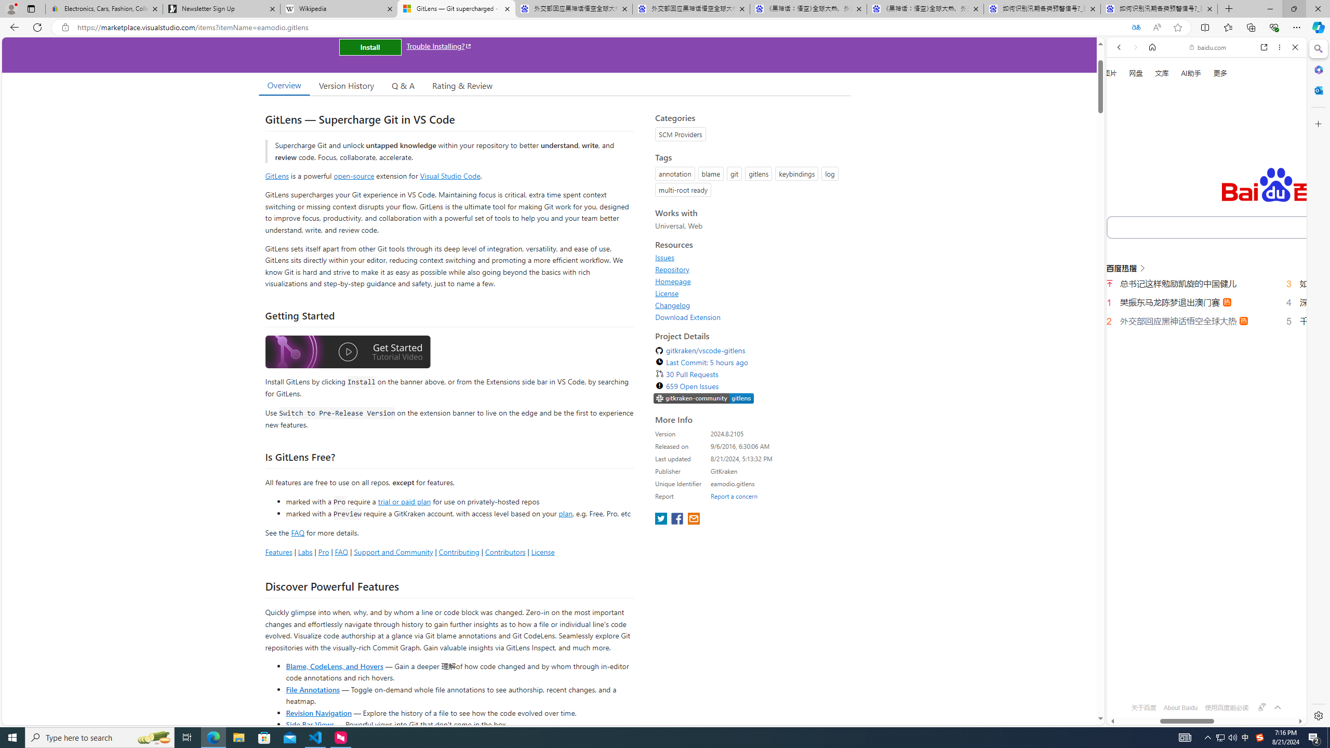  I want to click on 'Blame, CodeLens, and Hovers', so click(334, 665).